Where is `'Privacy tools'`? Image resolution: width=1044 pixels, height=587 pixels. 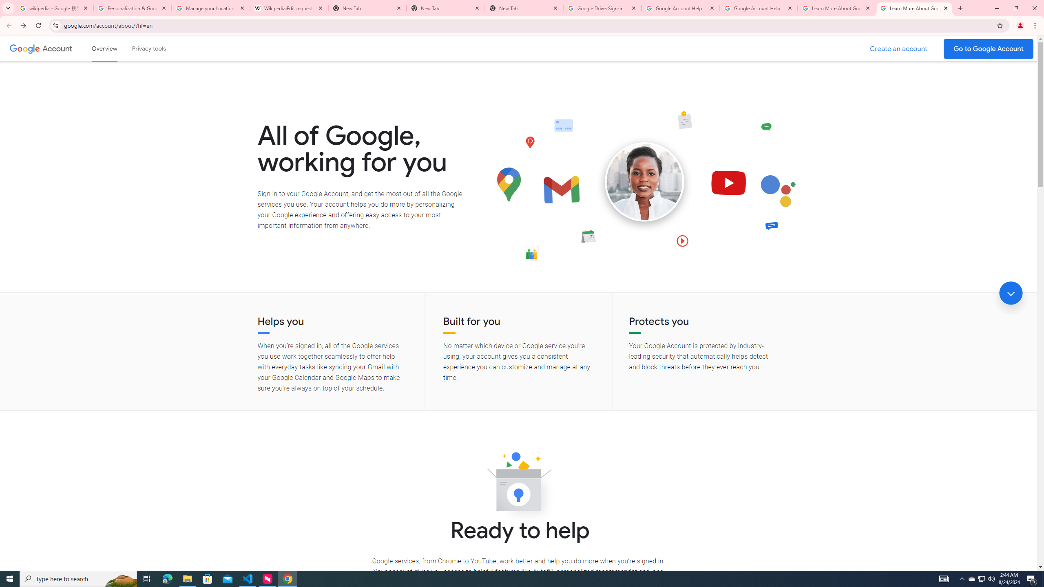
'Privacy tools' is located at coordinates (148, 48).